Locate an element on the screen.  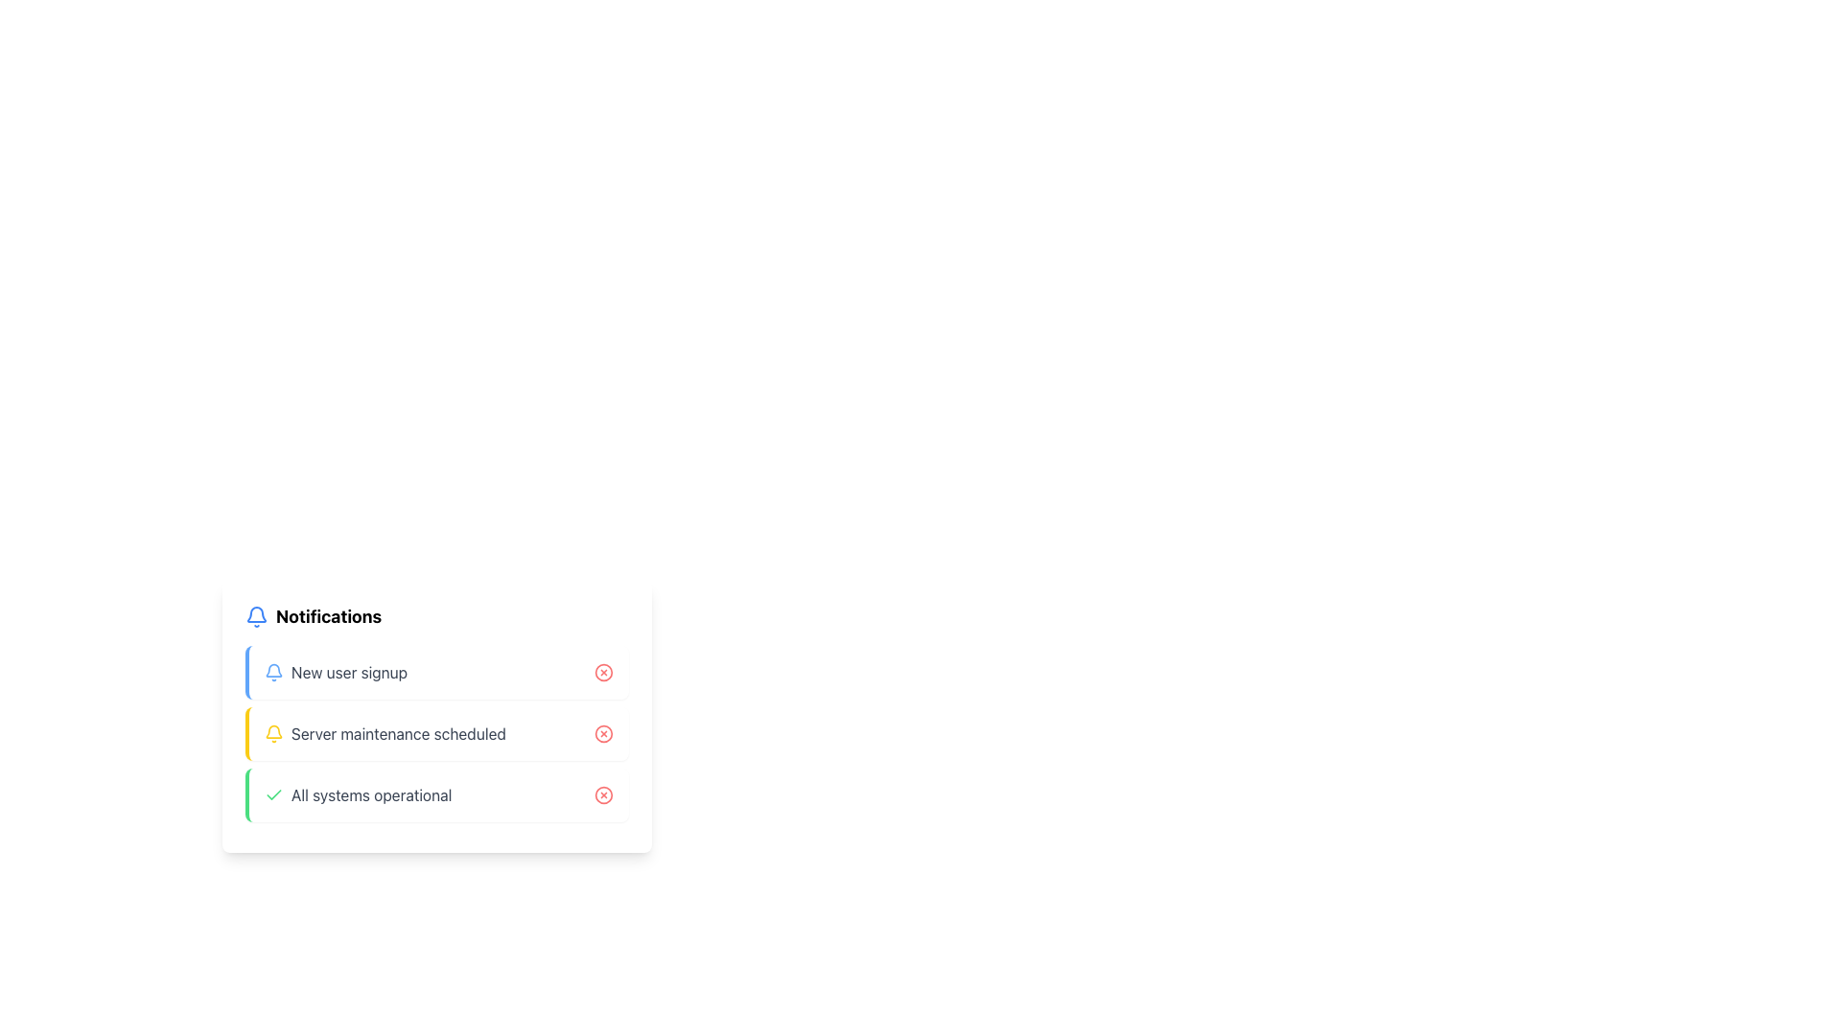
the 'New user signup' text label in the notifications list, which is styled with clean typography and located next to a bell icon is located at coordinates (349, 672).